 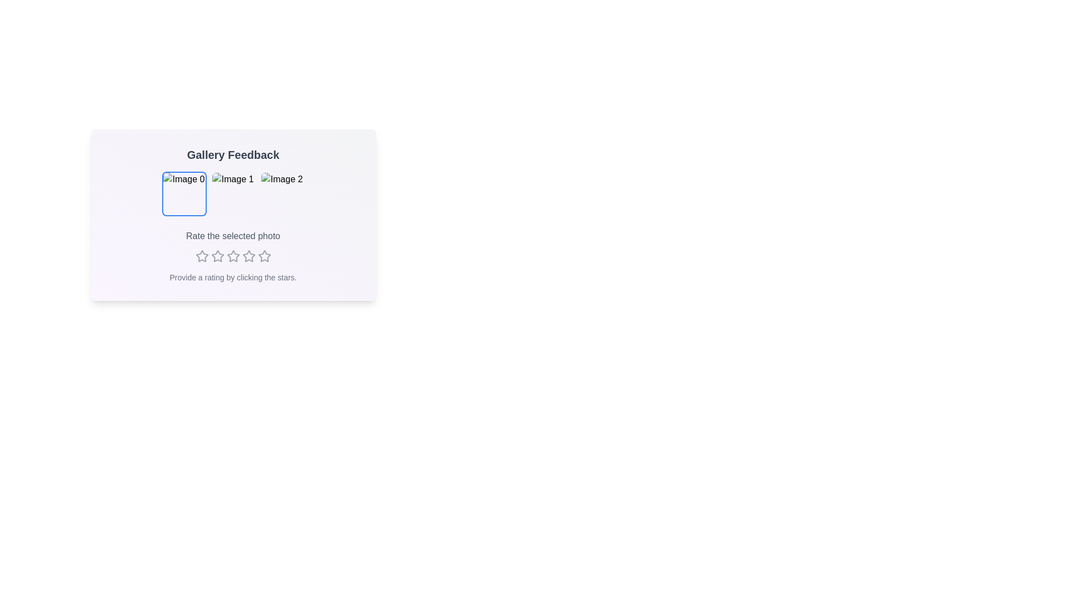 I want to click on the fifth star-shaped rating icon in the horizontal array, so click(x=264, y=256).